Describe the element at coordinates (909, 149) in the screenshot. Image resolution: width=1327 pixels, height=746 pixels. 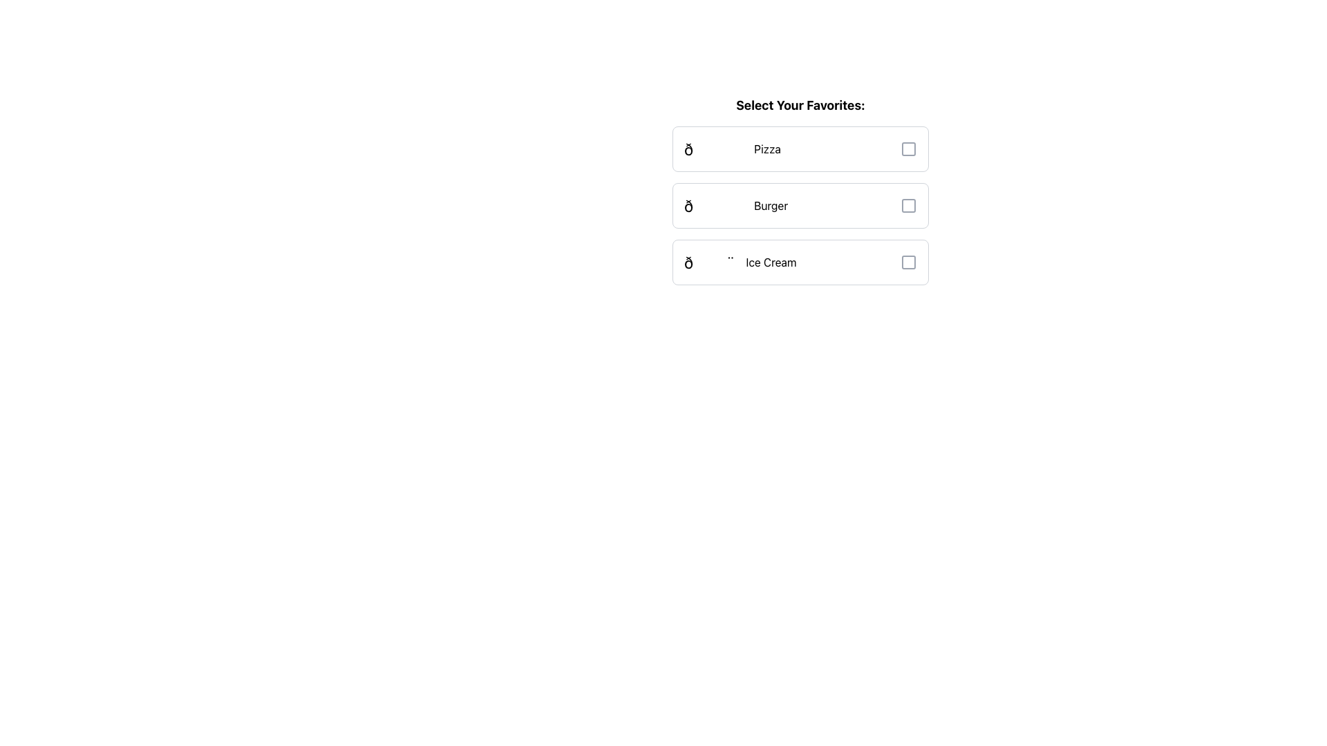
I see `the checkbox next to the text 'Pizza' in the top row of the vertical list` at that location.